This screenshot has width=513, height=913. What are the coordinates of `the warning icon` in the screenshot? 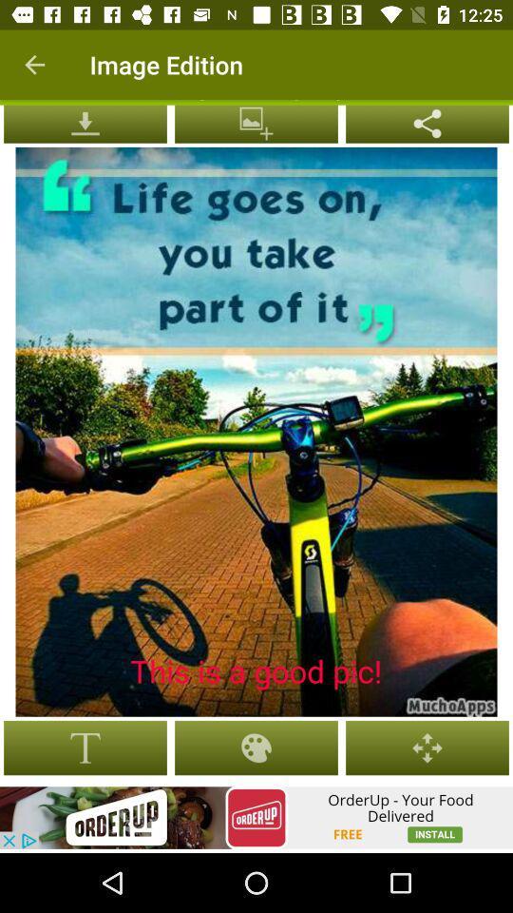 It's located at (85, 122).